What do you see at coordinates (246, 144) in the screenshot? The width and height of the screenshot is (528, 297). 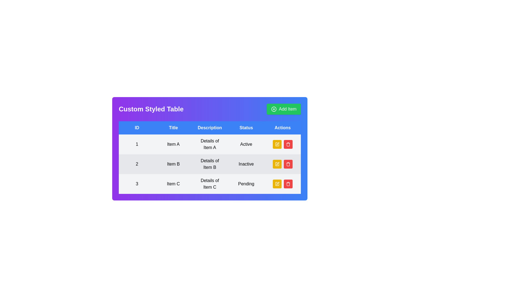 I see `the table cell containing the text 'Active' in the first row under the 'Status' column` at bounding box center [246, 144].